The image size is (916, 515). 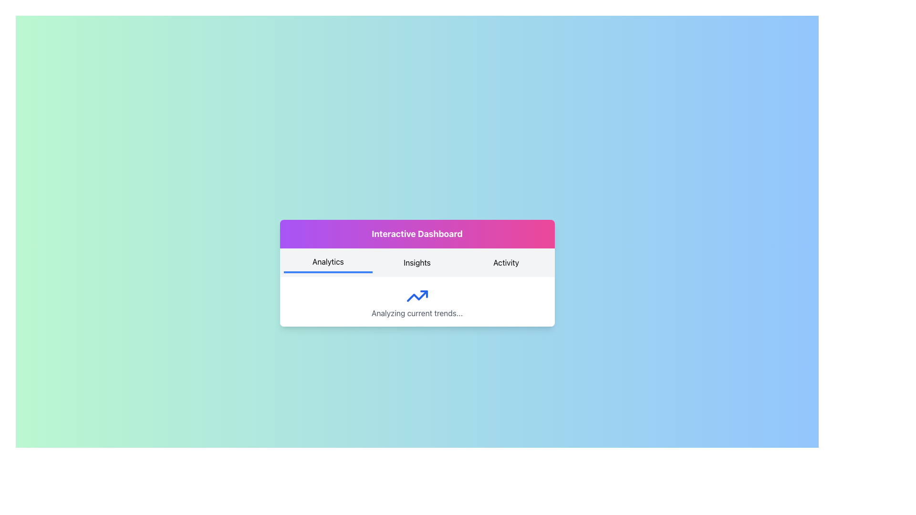 What do you see at coordinates (506, 263) in the screenshot?
I see `the inactive 'Activity' button, which is the third element in the navigation bar` at bounding box center [506, 263].